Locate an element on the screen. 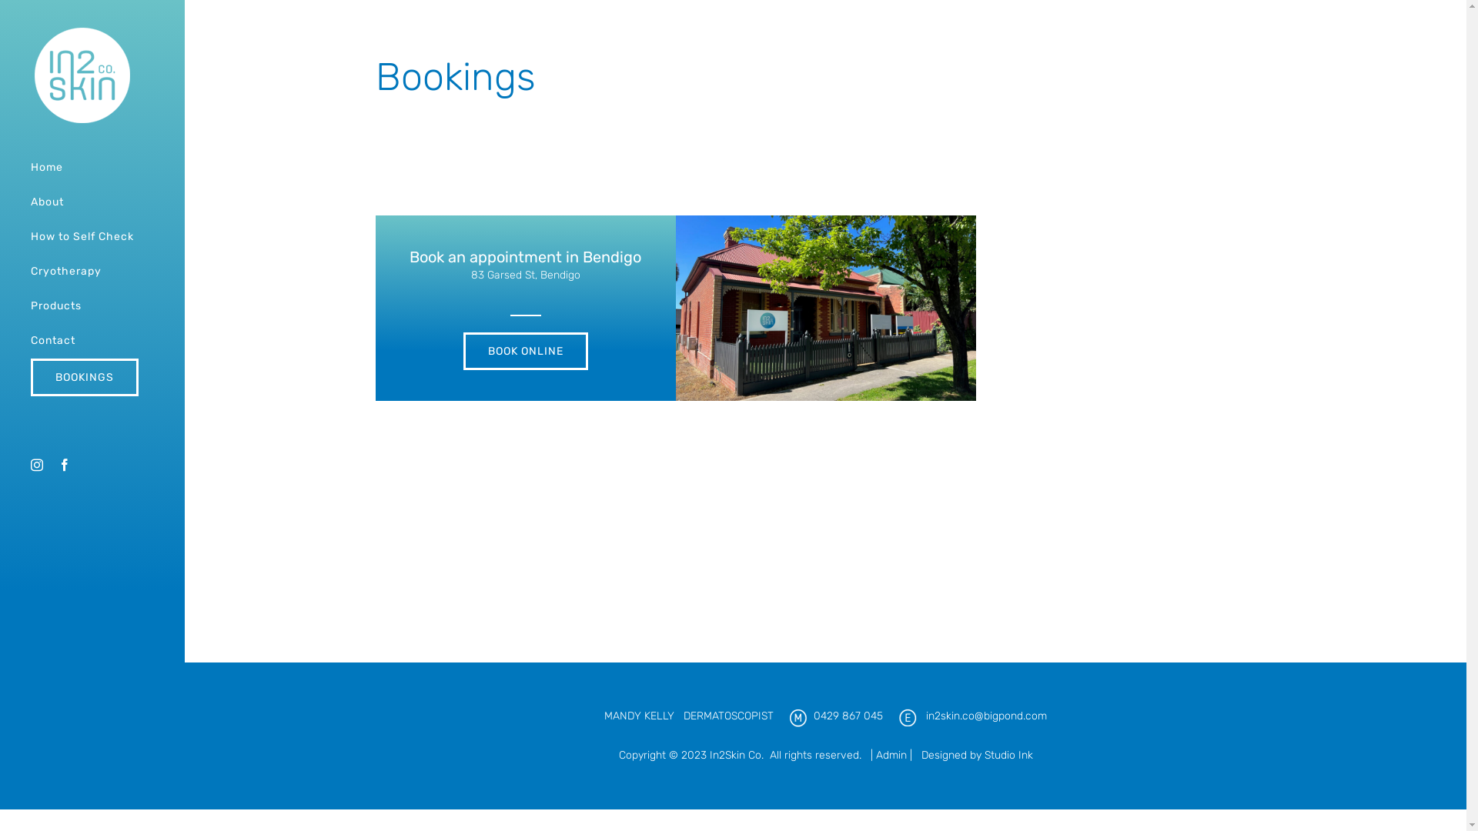  'in2skin.co@bigpond.com' is located at coordinates (925, 716).